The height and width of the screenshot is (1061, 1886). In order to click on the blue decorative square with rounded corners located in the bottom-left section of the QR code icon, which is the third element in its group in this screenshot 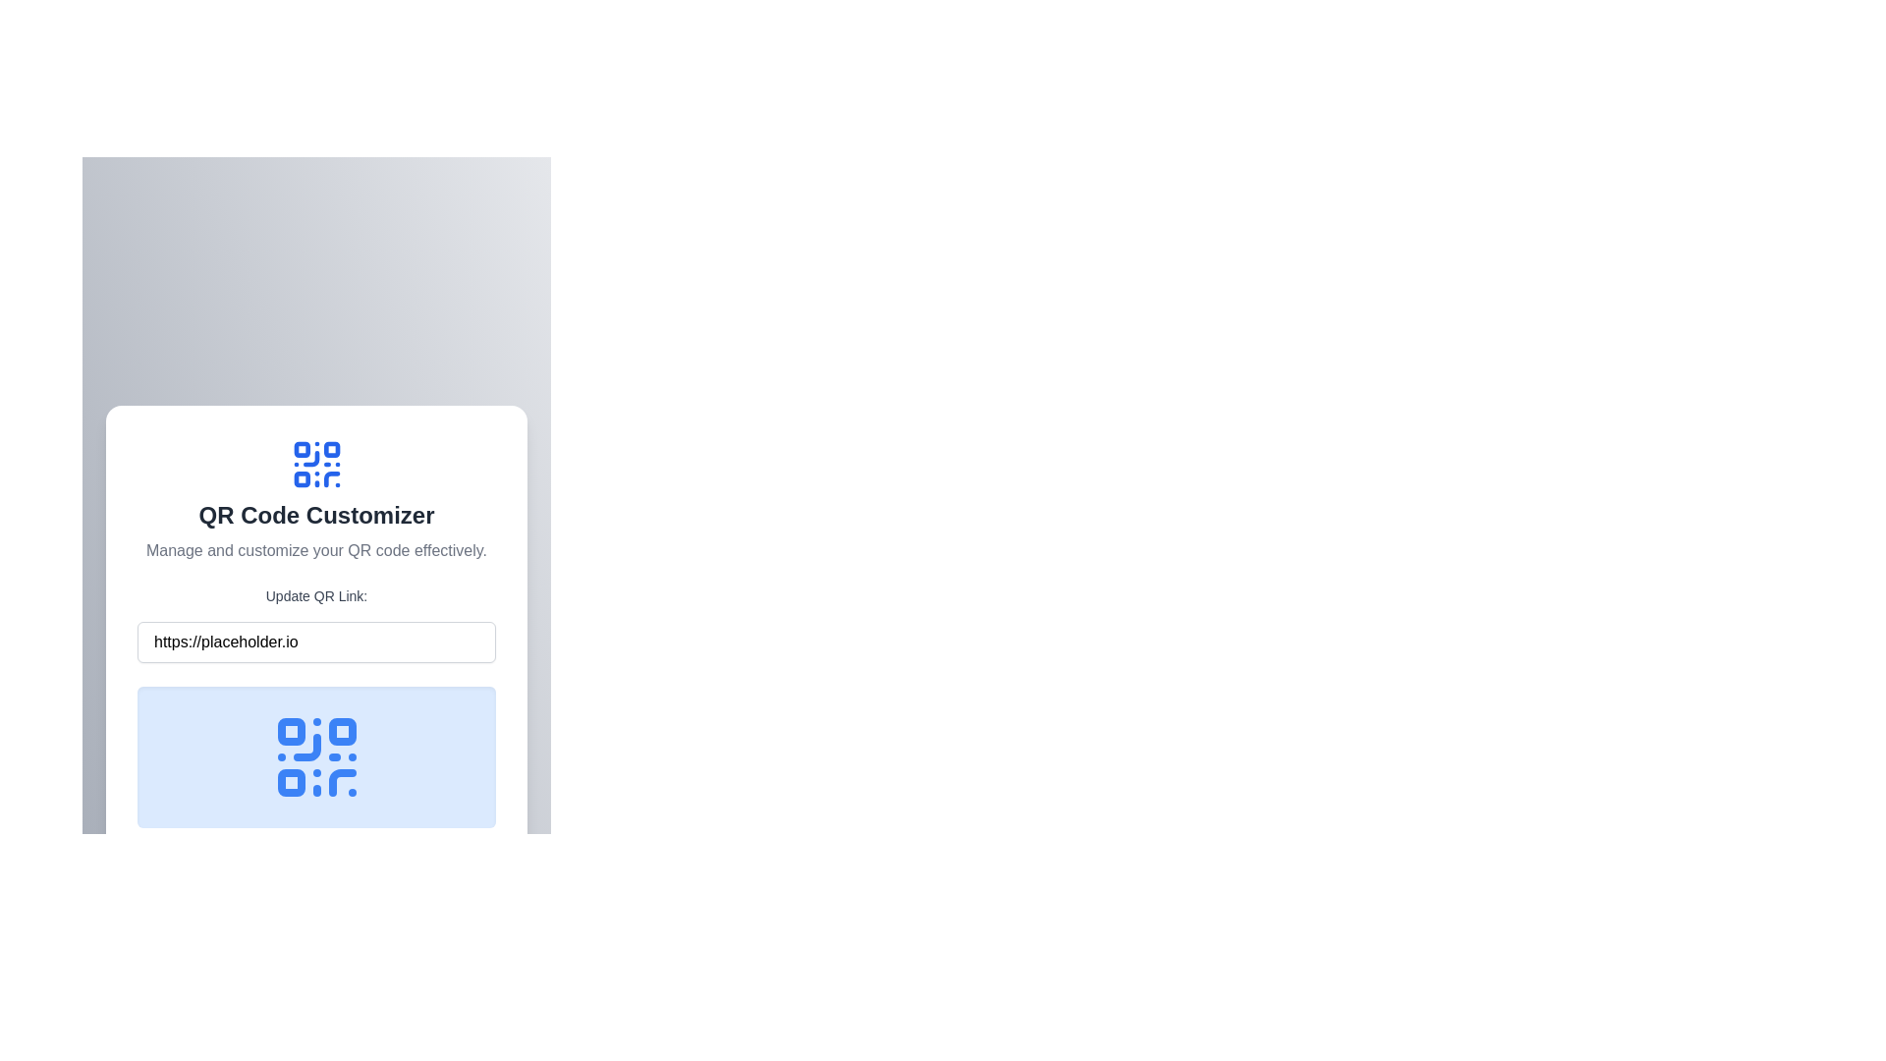, I will do `click(301, 479)`.